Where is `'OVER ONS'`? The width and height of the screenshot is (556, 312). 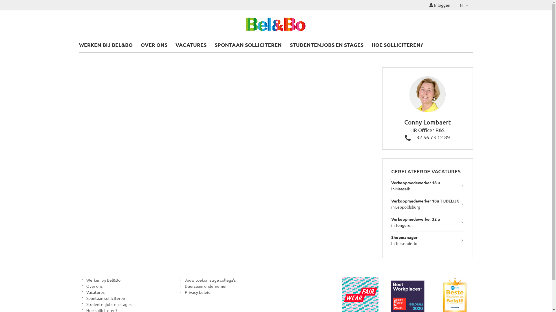
'OVER ONS' is located at coordinates (140, 44).